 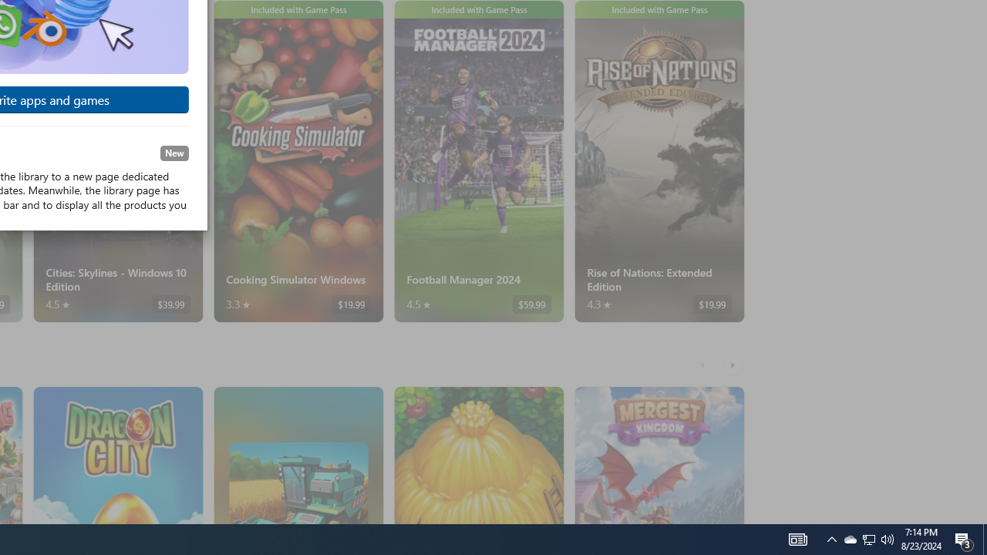 What do you see at coordinates (703, 365) in the screenshot?
I see `'AutomationID: LeftScrollButton'` at bounding box center [703, 365].